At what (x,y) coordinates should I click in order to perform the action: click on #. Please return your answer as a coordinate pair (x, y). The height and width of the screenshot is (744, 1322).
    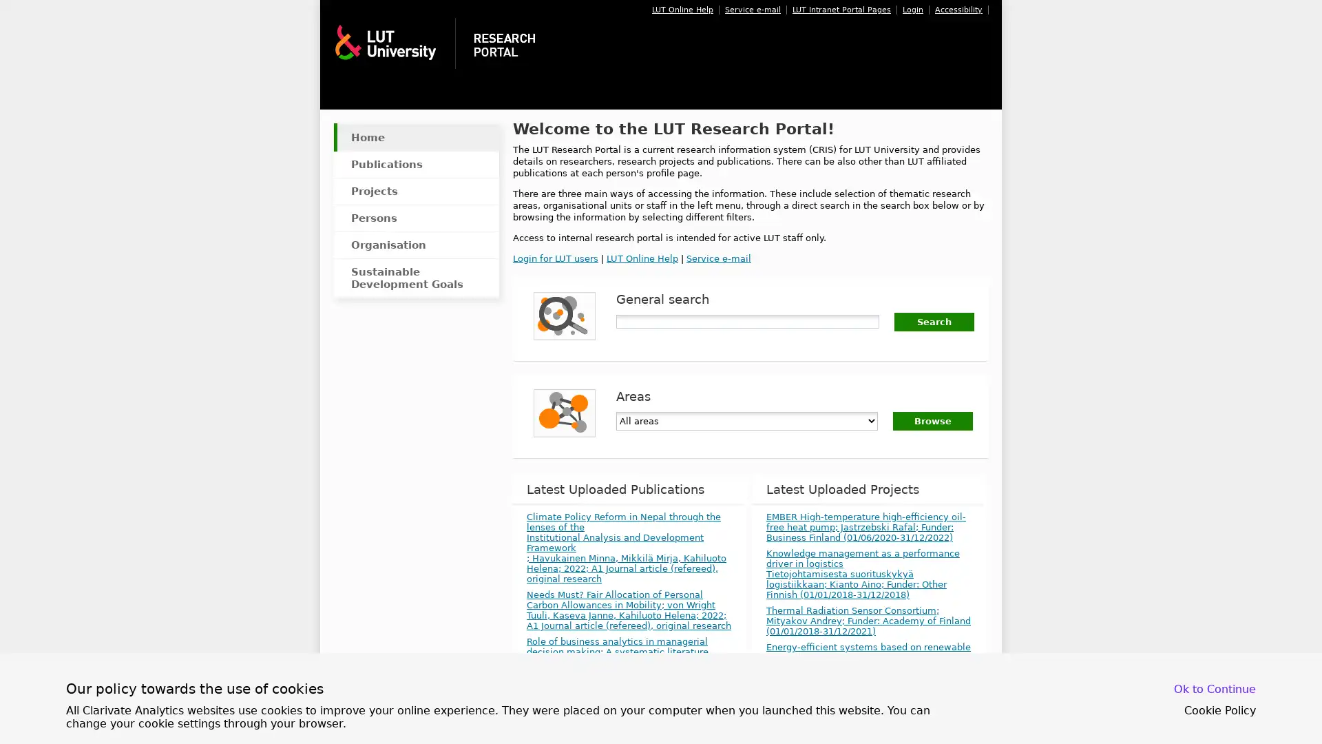
    Looking at the image, I should click on (934, 322).